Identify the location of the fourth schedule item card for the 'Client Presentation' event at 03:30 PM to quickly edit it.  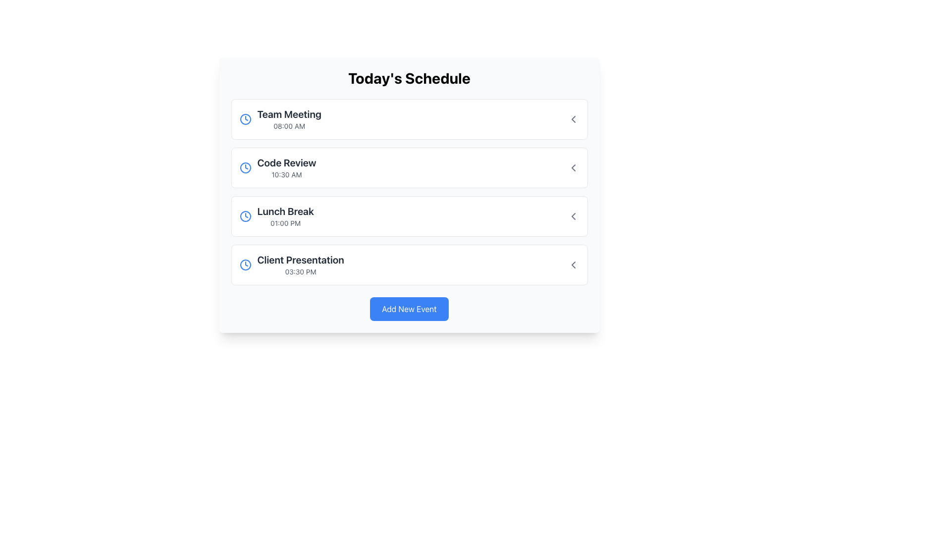
(409, 265).